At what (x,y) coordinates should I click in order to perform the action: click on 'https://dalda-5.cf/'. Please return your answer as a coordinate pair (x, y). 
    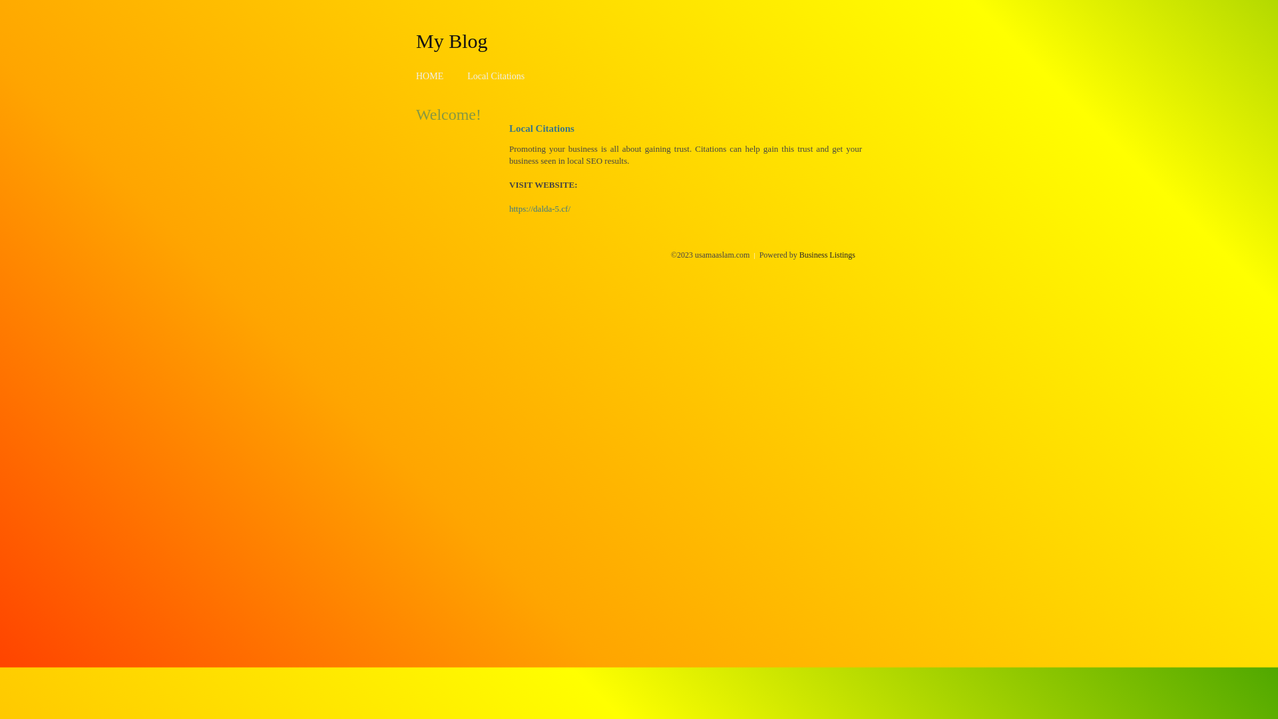
    Looking at the image, I should click on (540, 208).